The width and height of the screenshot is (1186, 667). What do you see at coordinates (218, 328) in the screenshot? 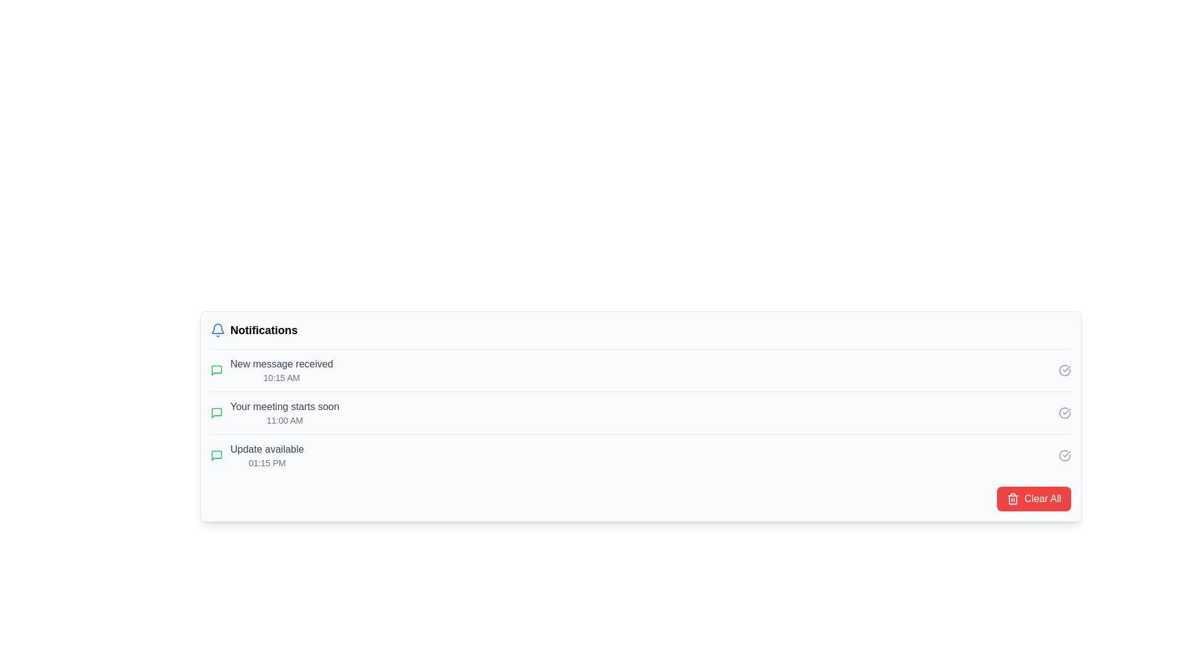
I see `the stylized bell icon representing notifications, which is located in the top-left corner of the notification panel, adjacent to the header text 'Notifications'` at bounding box center [218, 328].